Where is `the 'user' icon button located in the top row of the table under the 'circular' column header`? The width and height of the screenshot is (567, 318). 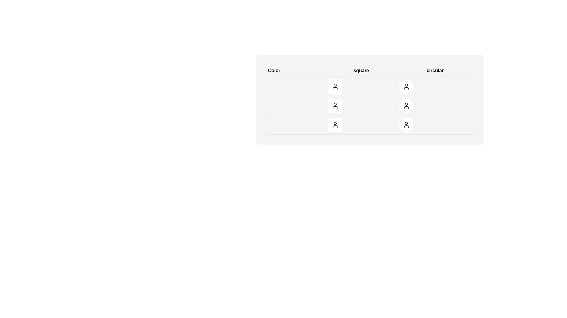 the 'user' icon button located in the top row of the table under the 'circular' column header is located at coordinates (405, 86).